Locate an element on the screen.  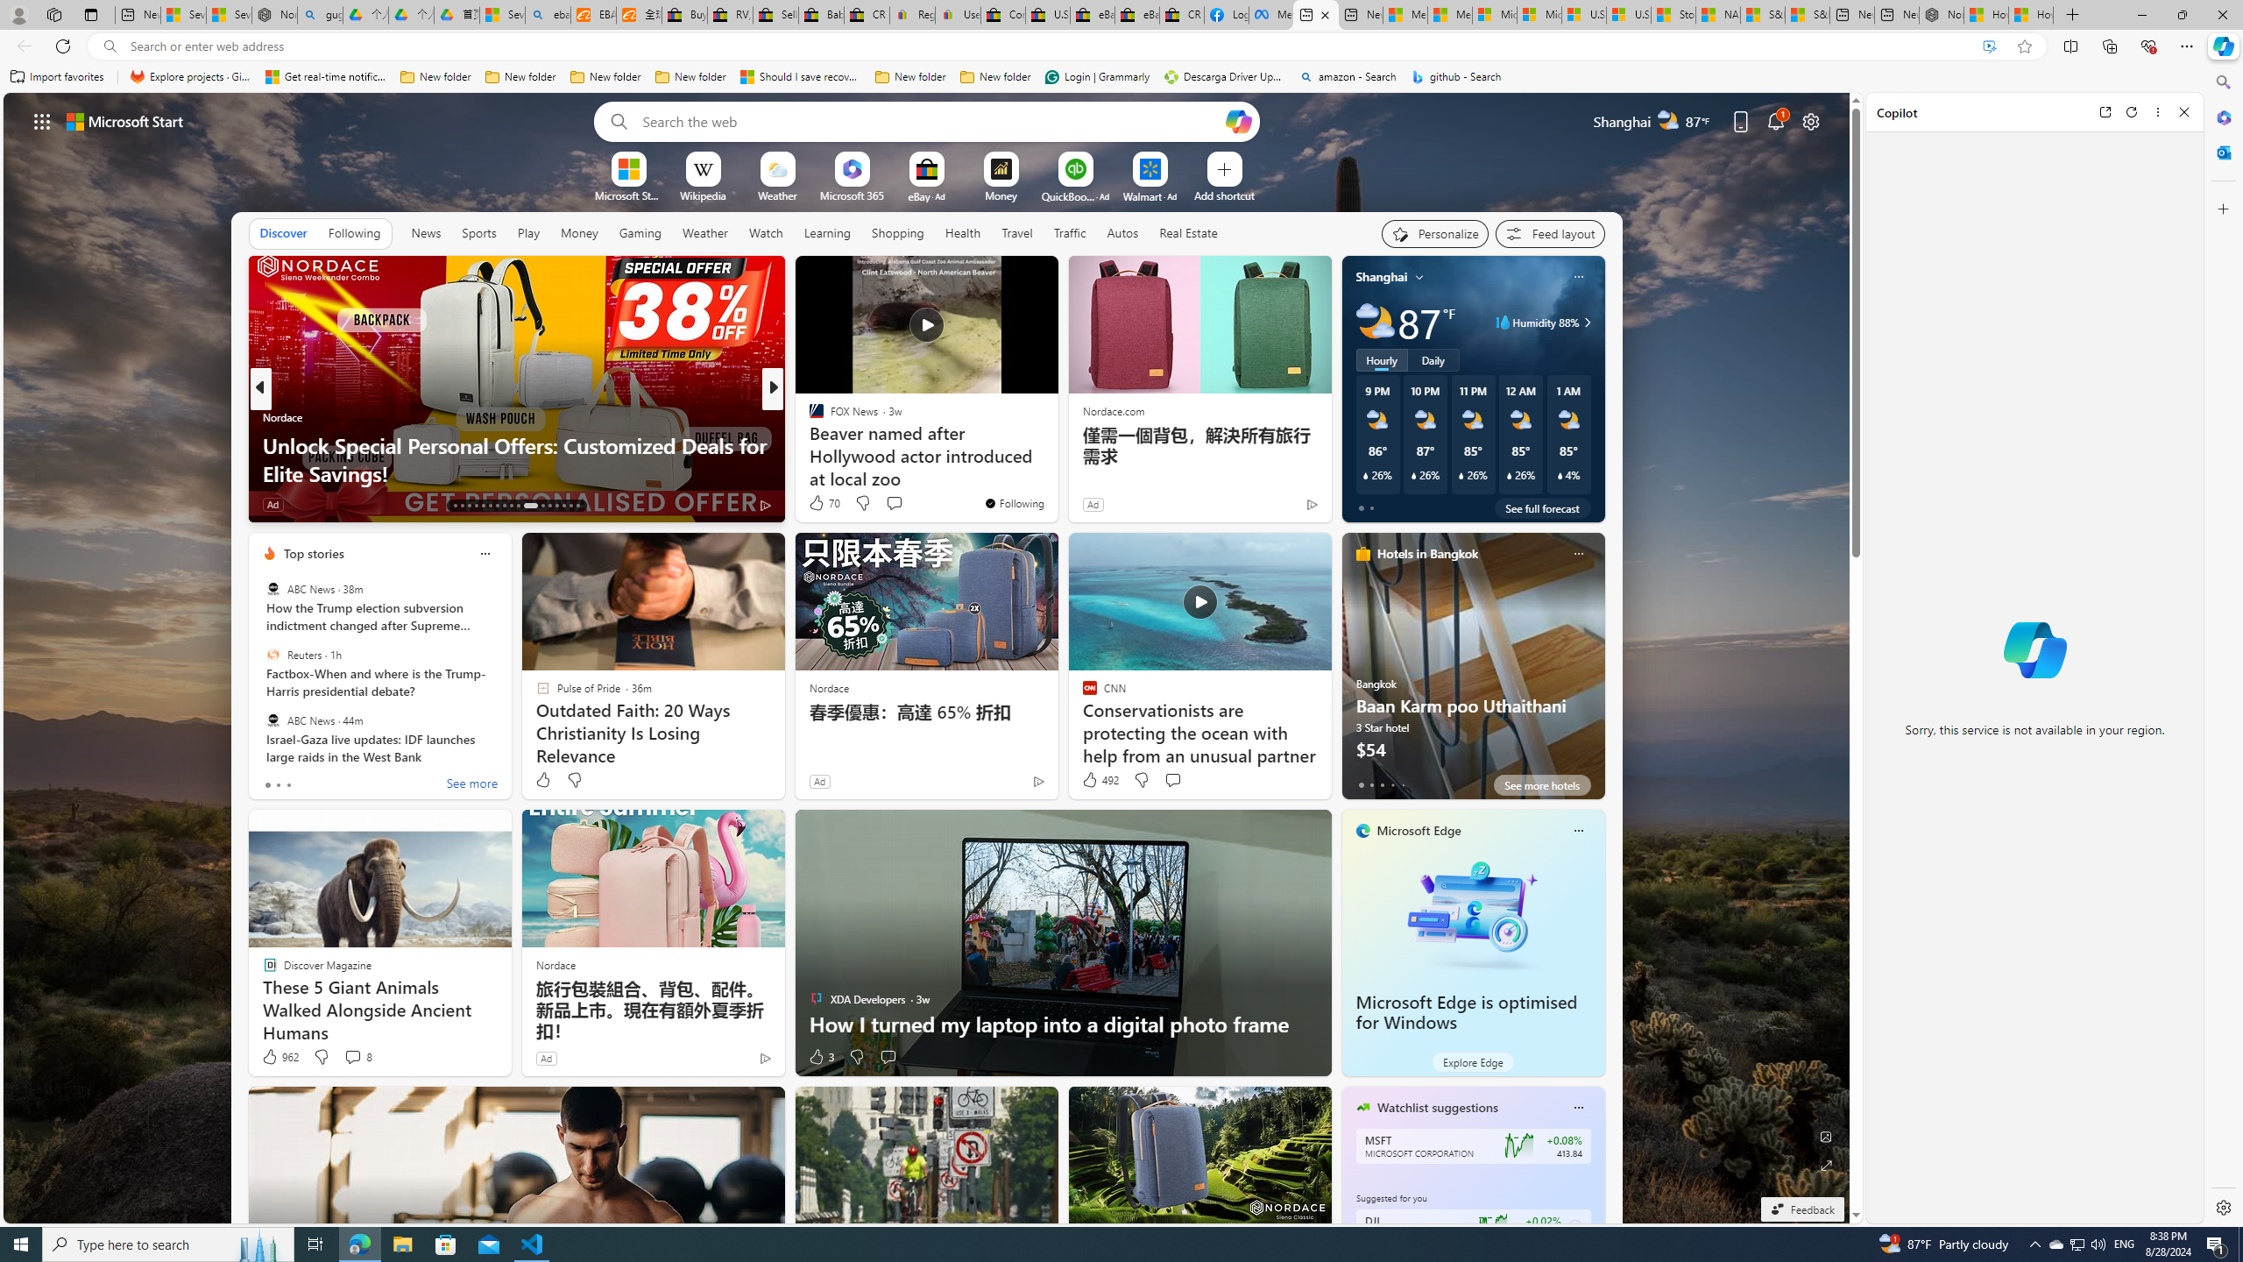
'Reuters' is located at coordinates (272, 654).